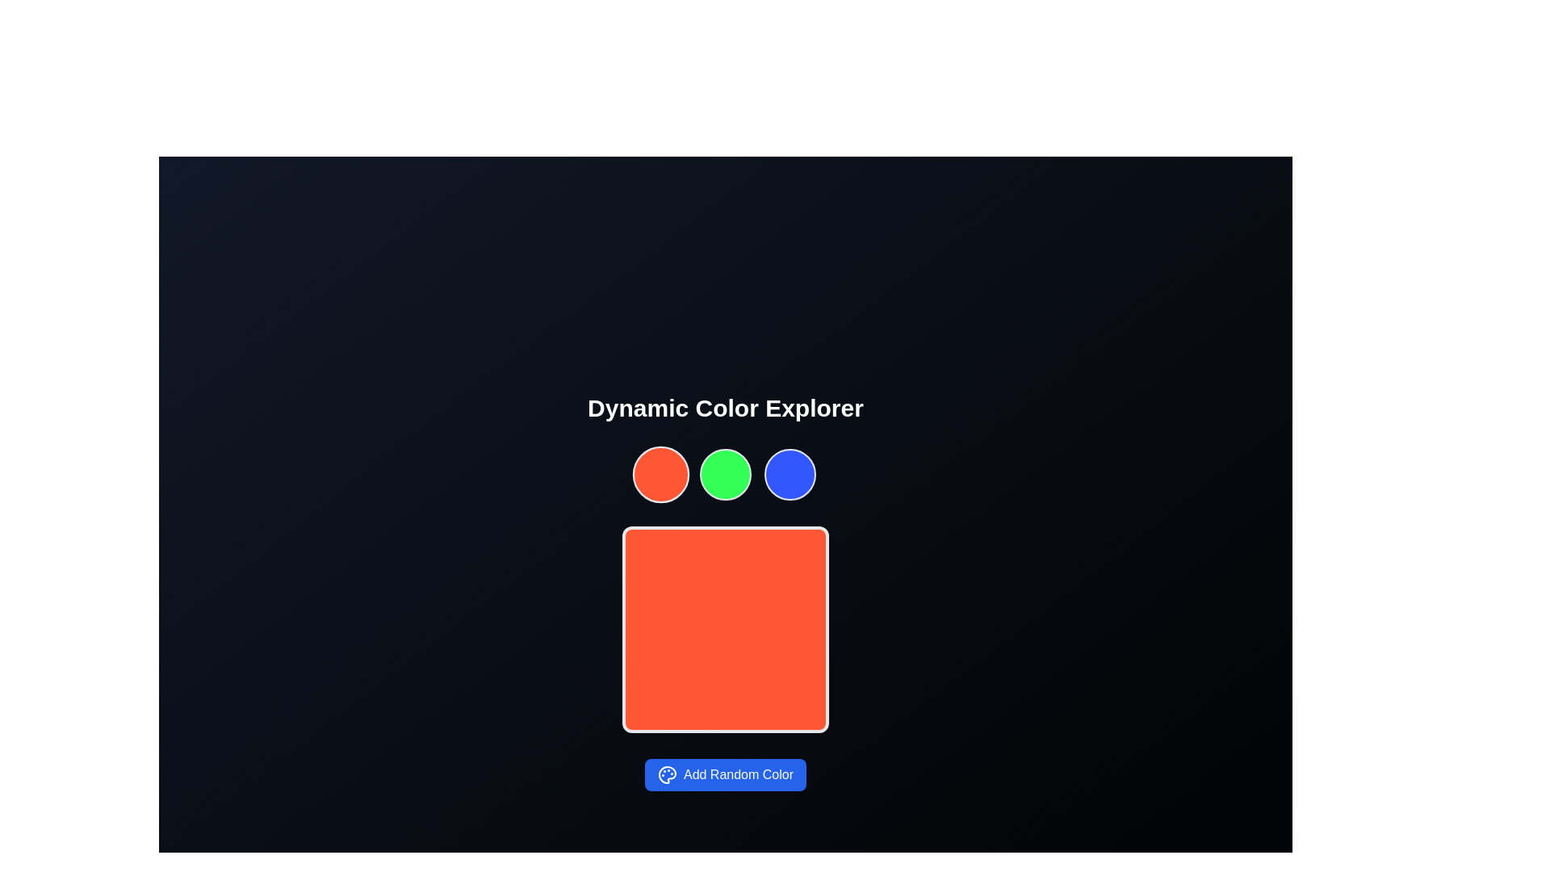  What do you see at coordinates (661, 473) in the screenshot?
I see `the first interactive circular button with a red fill and white border, located centrally below the 'Dynamic Color Explorer' heading` at bounding box center [661, 473].